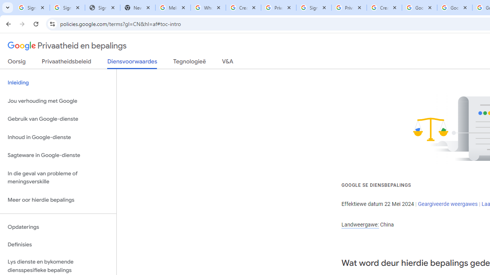 This screenshot has height=275, width=490. What do you see at coordinates (58, 100) in the screenshot?
I see `'Jou verhouding met Google'` at bounding box center [58, 100].